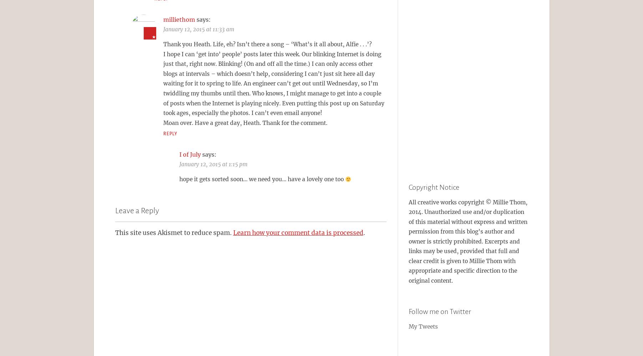 The height and width of the screenshot is (356, 643). Describe the element at coordinates (363, 232) in the screenshot. I see `'.'` at that location.